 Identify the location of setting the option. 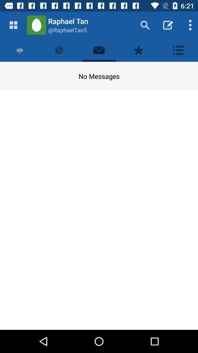
(178, 50).